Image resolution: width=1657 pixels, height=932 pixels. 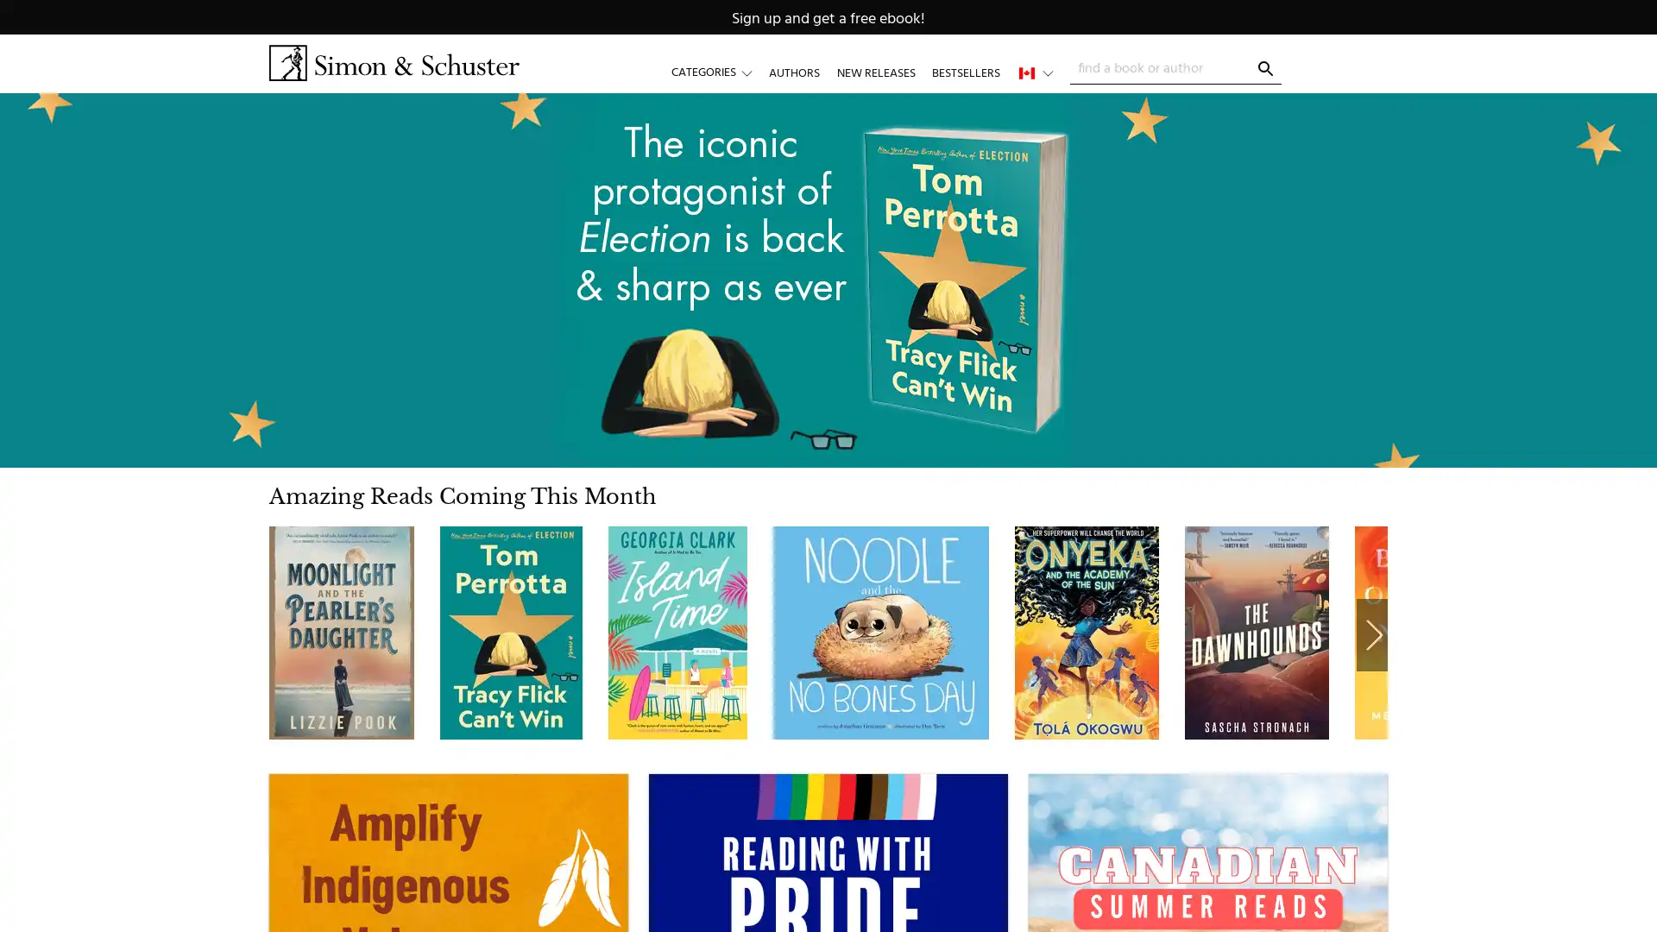 What do you see at coordinates (875, 72) in the screenshot?
I see `NEW RELEASES` at bounding box center [875, 72].